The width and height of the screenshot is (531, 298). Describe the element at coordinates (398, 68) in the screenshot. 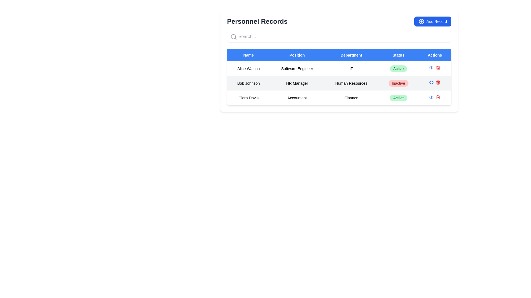

I see `the label with the light green background and bold green text that reads 'Active', located in the 'Status' column of the Personnel Records table, corresponding to Alice Watson` at that location.